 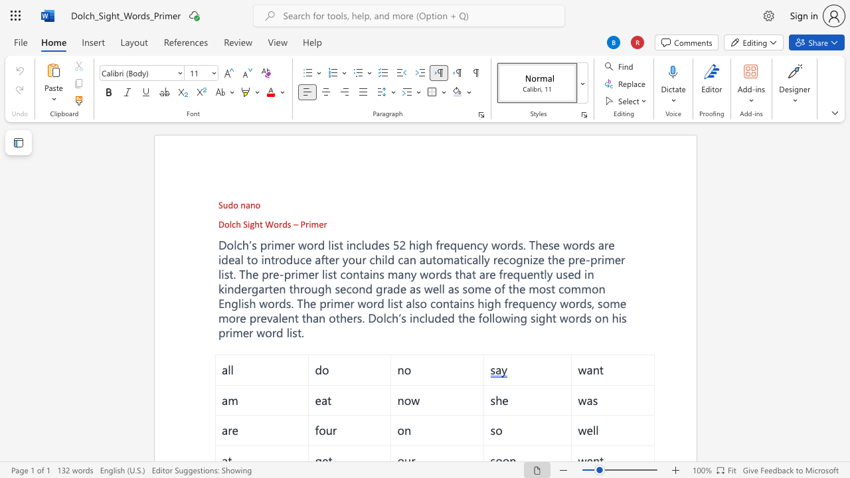 I want to click on the subset text "g sight word" within the text "high frequency words, some more prevalent than others. Dolch’s included the following sight words on his primer word list.", so click(x=519, y=318).